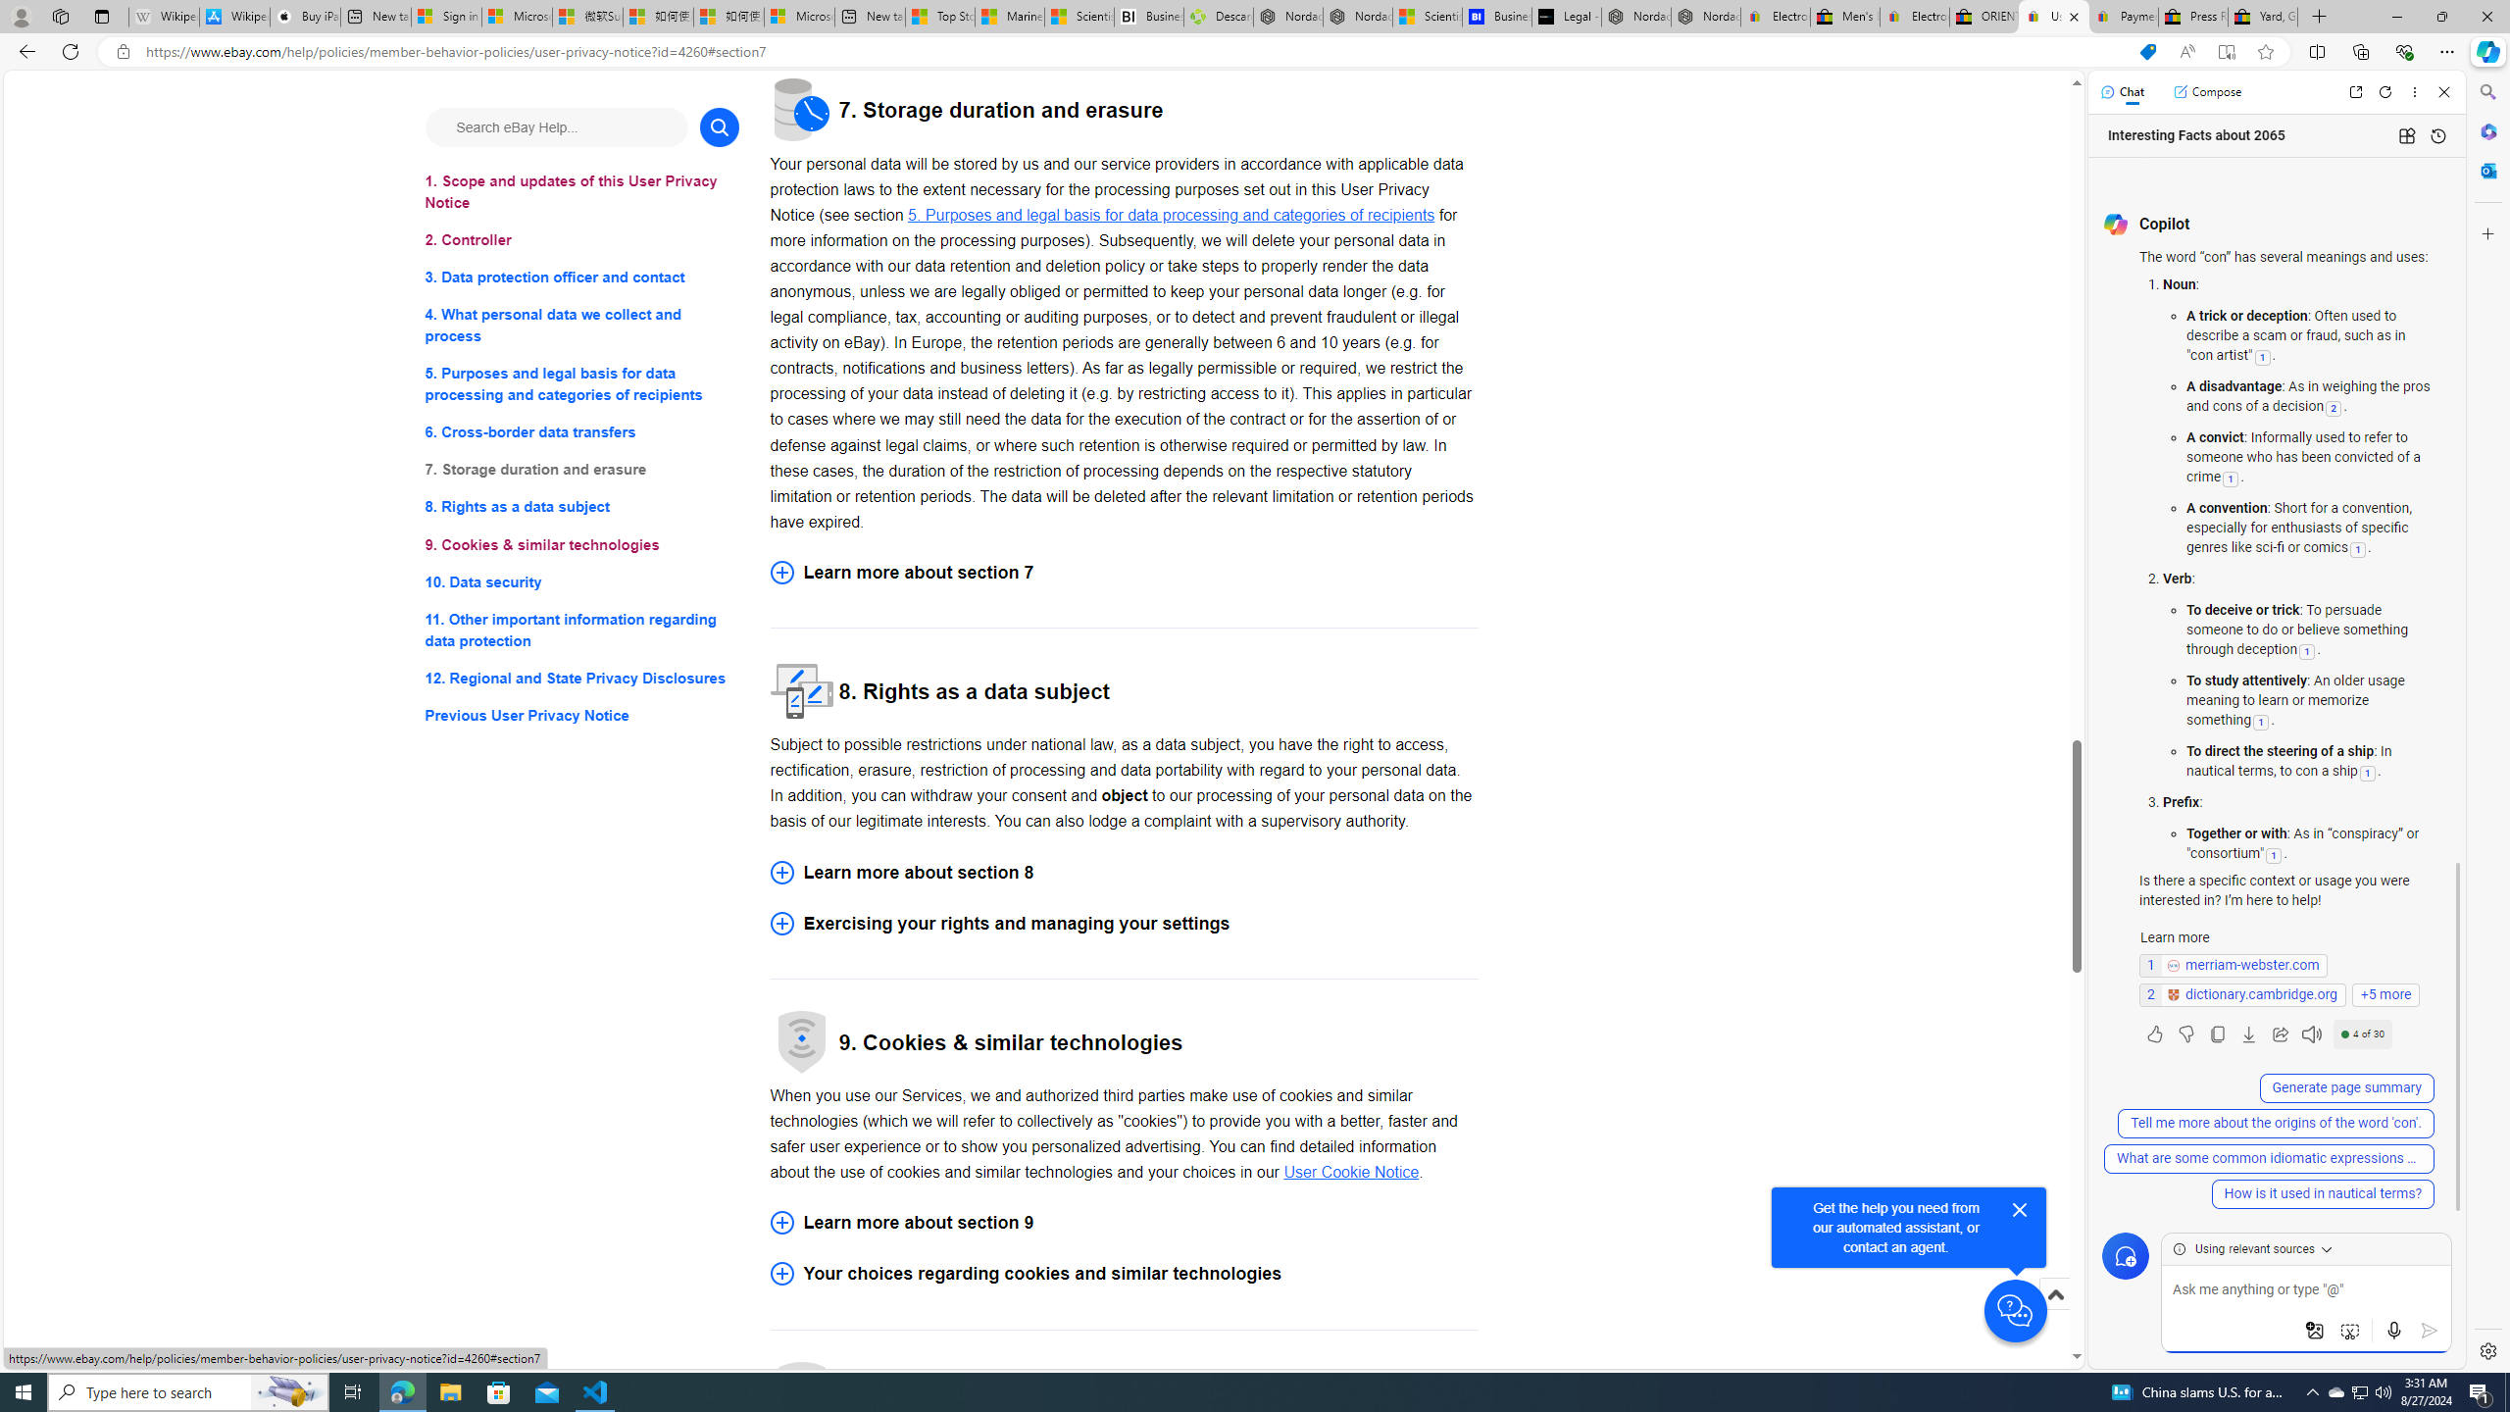 The image size is (2510, 1412). Describe the element at coordinates (1350, 1171) in the screenshot. I see `'User Cookie Notice'` at that location.